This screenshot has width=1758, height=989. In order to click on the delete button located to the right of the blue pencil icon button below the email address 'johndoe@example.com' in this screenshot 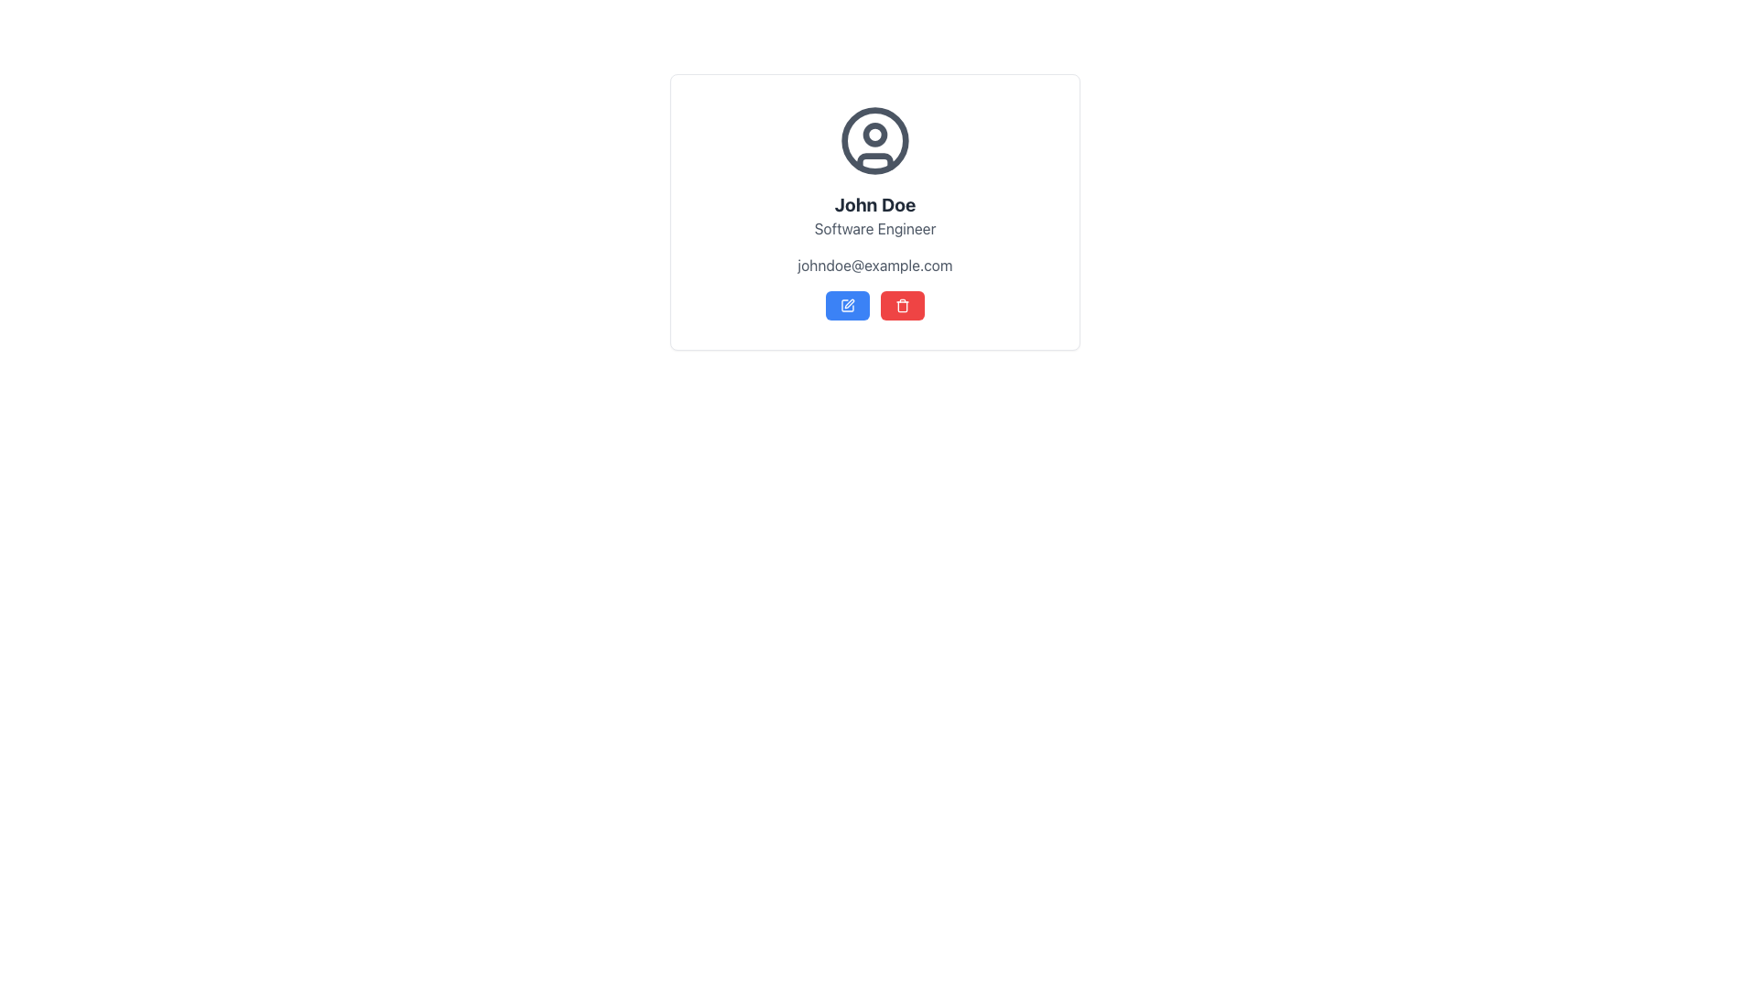, I will do `click(902, 305)`.